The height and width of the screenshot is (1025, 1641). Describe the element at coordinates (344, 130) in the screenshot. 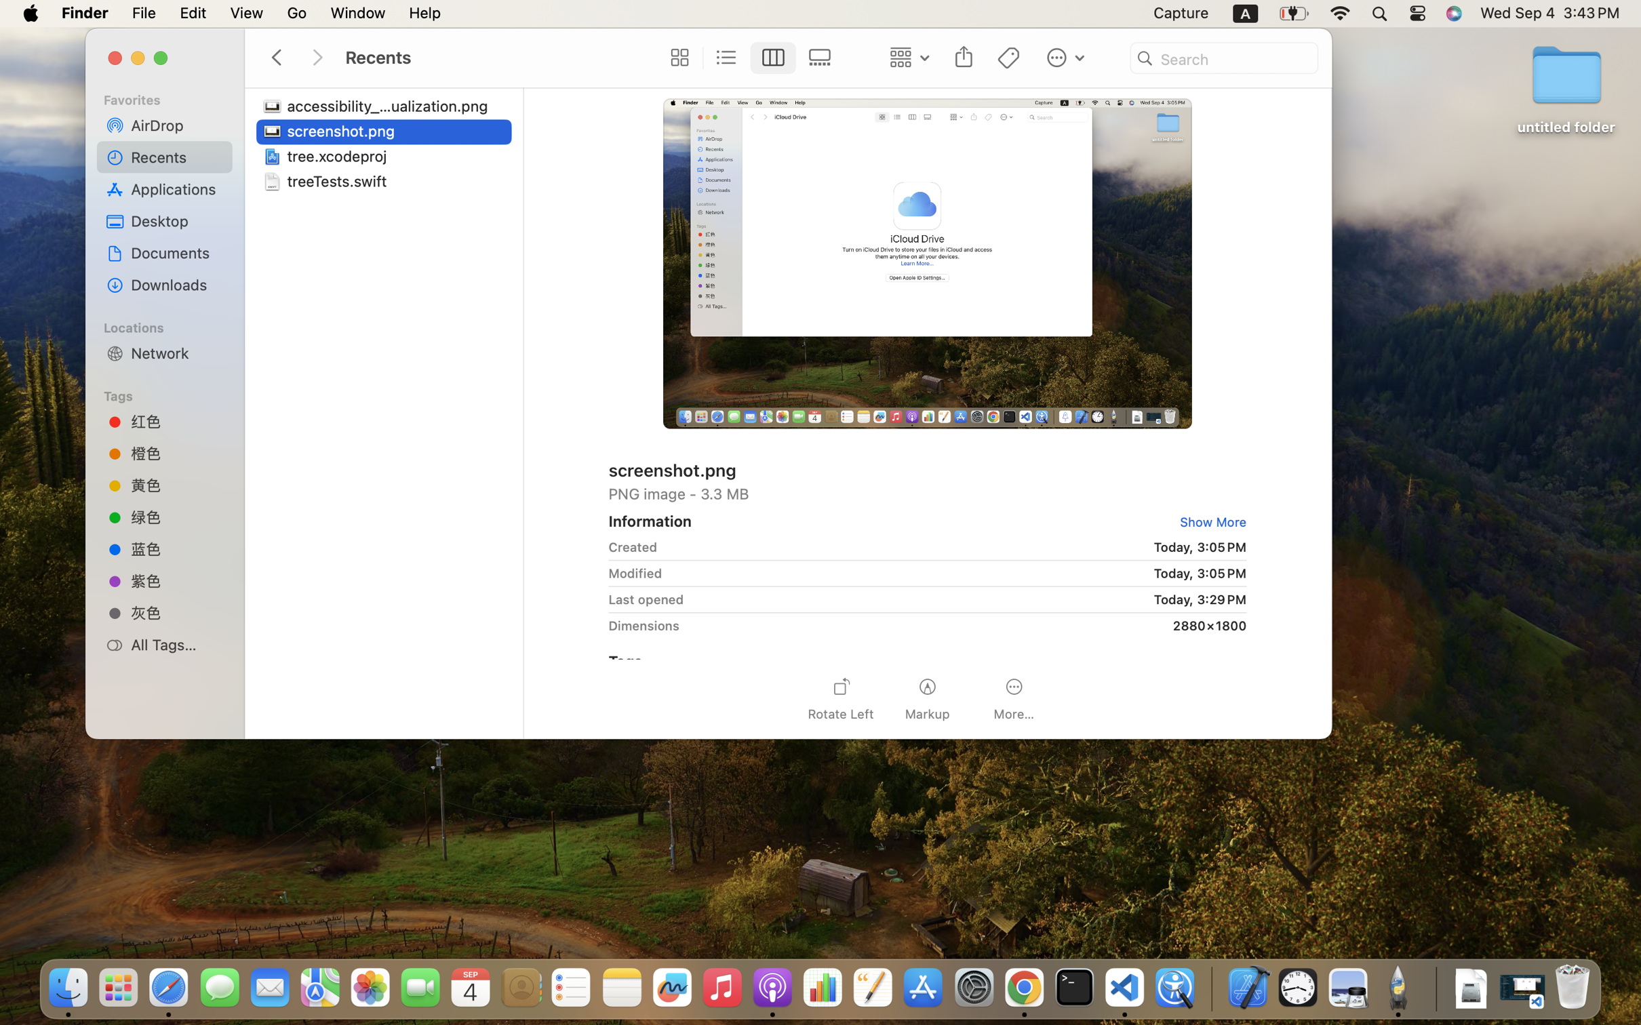

I see `'screenshot.png'` at that location.